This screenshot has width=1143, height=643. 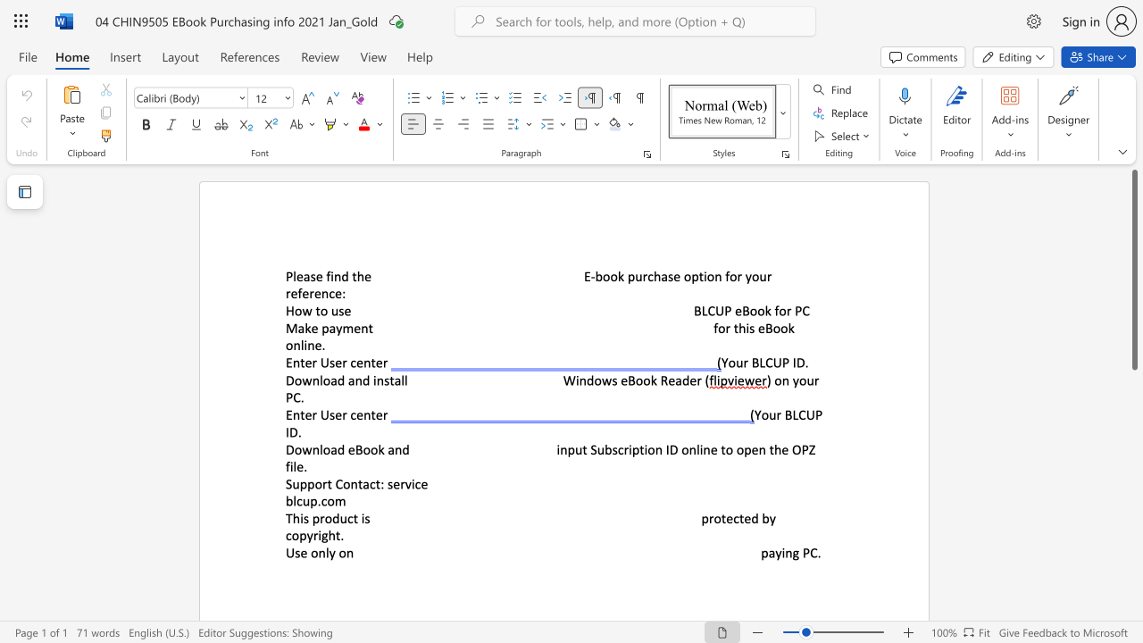 What do you see at coordinates (795, 552) in the screenshot?
I see `the 1th character "g" in the text` at bounding box center [795, 552].